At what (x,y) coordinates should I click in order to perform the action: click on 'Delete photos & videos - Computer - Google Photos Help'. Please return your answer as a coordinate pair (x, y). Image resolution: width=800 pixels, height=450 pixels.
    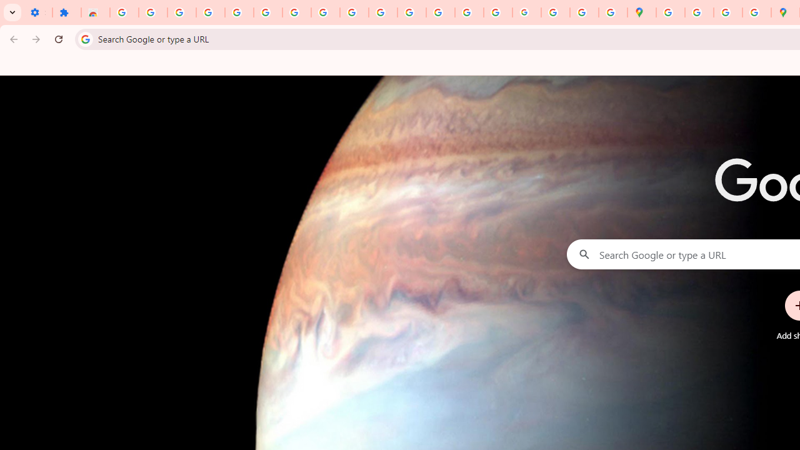
    Looking at the image, I should click on (181, 12).